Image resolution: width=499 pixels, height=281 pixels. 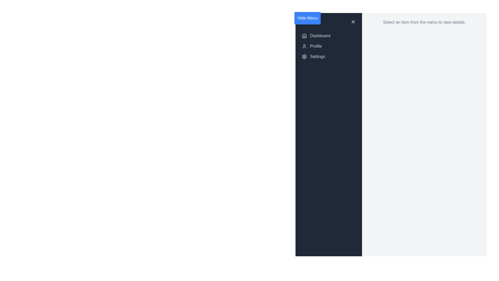 What do you see at coordinates (316, 46) in the screenshot?
I see `the 'Profile' text label` at bounding box center [316, 46].